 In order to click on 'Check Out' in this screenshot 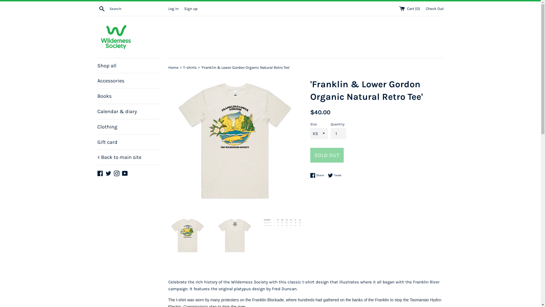, I will do `click(425, 8)`.